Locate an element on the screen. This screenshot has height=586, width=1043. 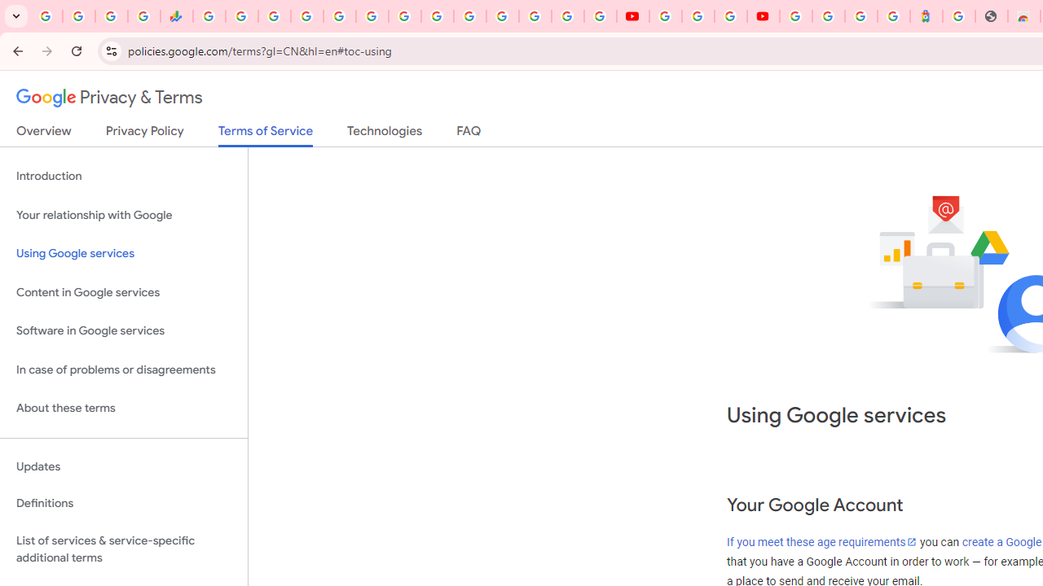
'Your relationship with Google' is located at coordinates (123, 214).